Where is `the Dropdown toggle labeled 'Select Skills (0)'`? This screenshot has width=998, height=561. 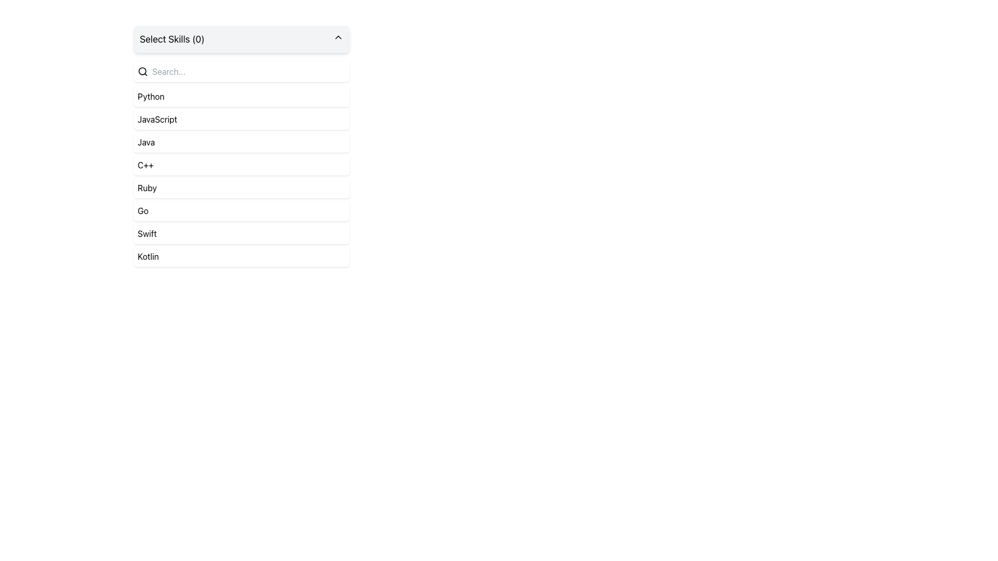
the Dropdown toggle labeled 'Select Skills (0)' is located at coordinates (241, 39).